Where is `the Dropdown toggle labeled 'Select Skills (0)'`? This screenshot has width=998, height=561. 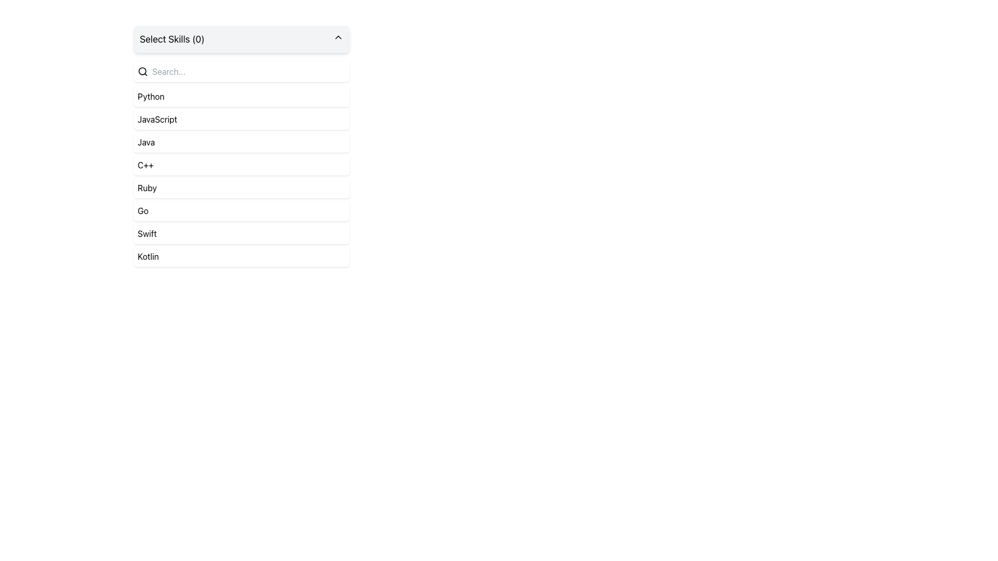
the Dropdown toggle labeled 'Select Skills (0)' is located at coordinates (241, 39).